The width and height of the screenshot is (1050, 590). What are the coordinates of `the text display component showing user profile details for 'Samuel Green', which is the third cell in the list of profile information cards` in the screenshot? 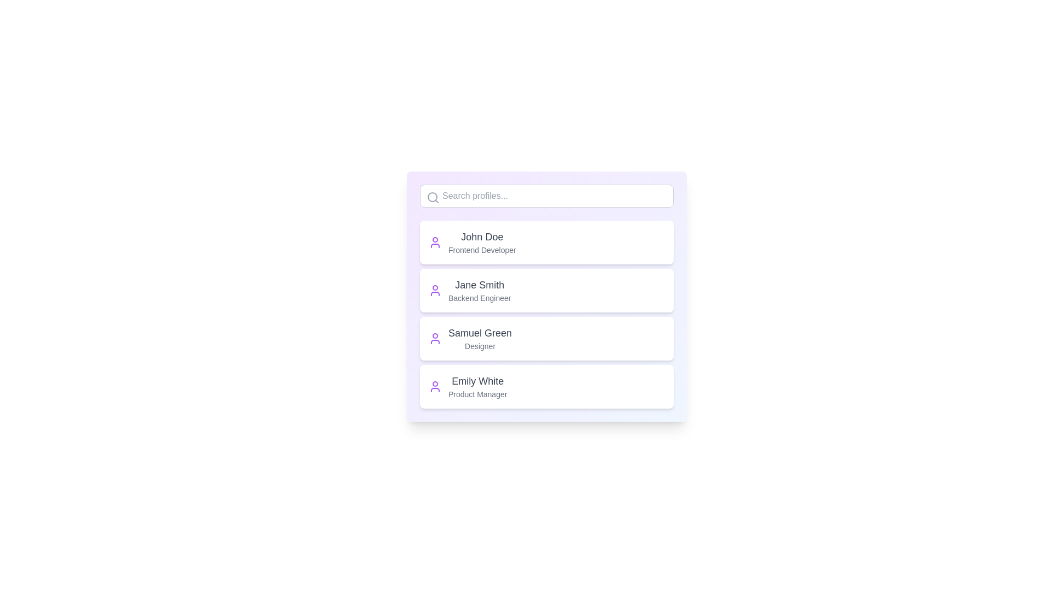 It's located at (480, 338).